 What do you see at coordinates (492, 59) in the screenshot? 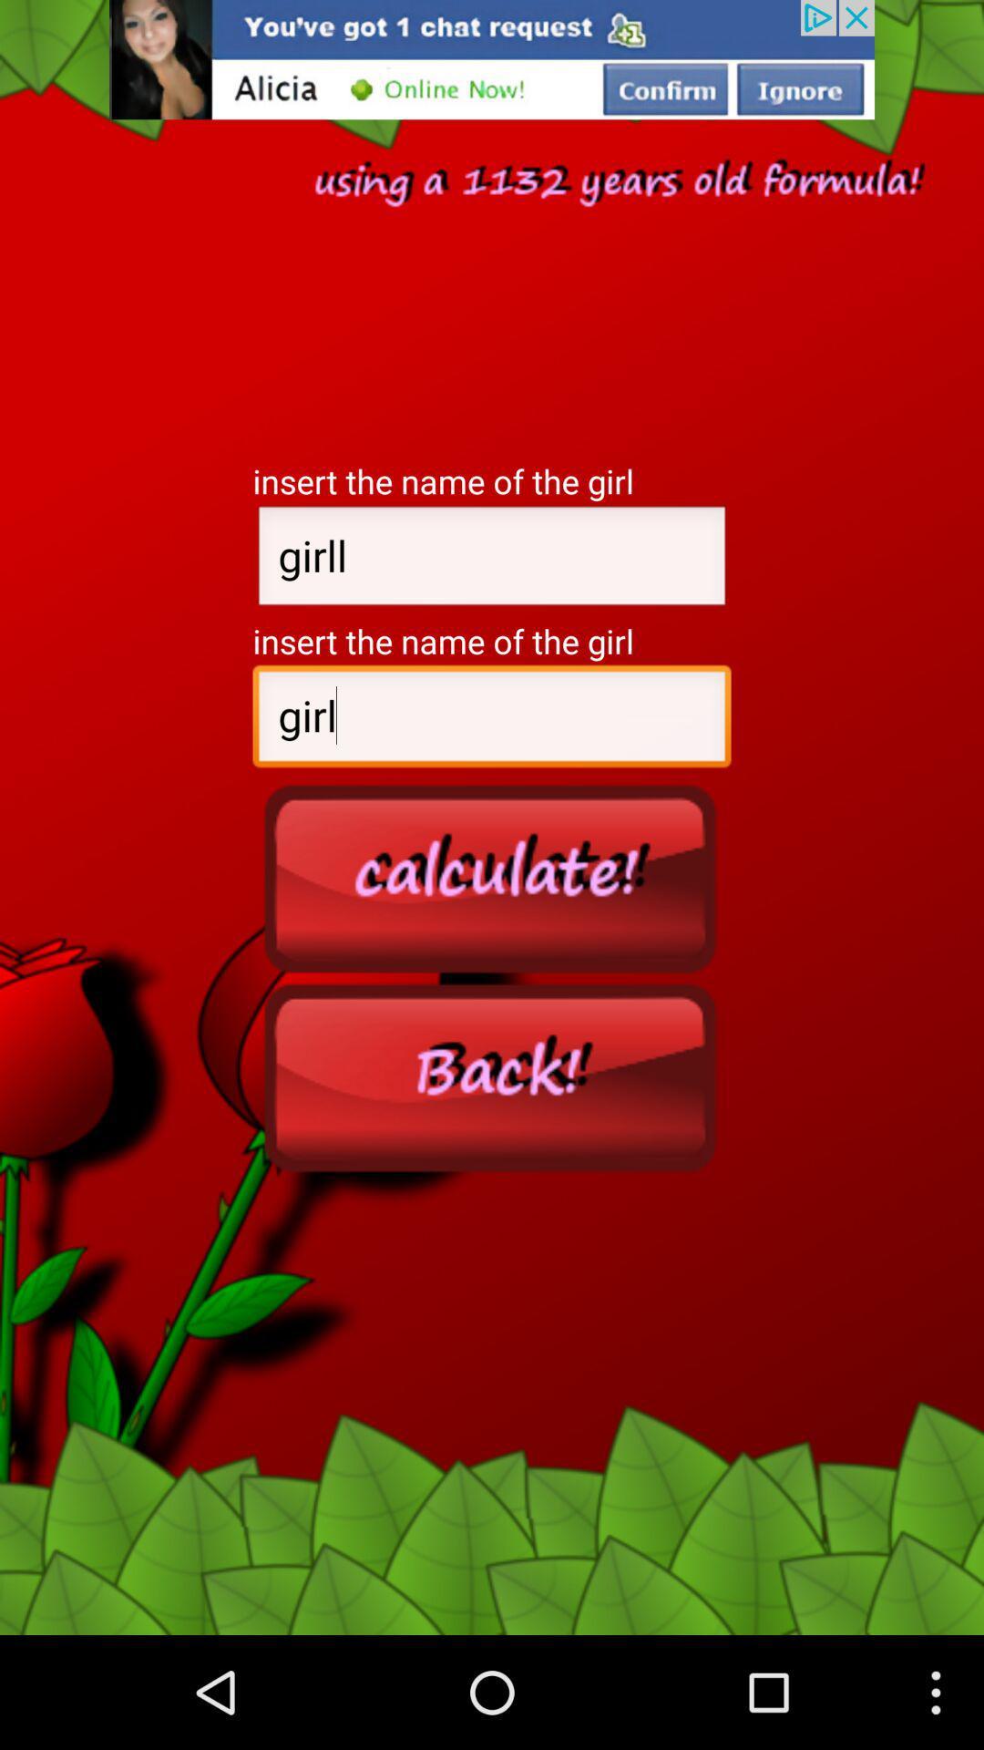
I see `advertisement link` at bounding box center [492, 59].